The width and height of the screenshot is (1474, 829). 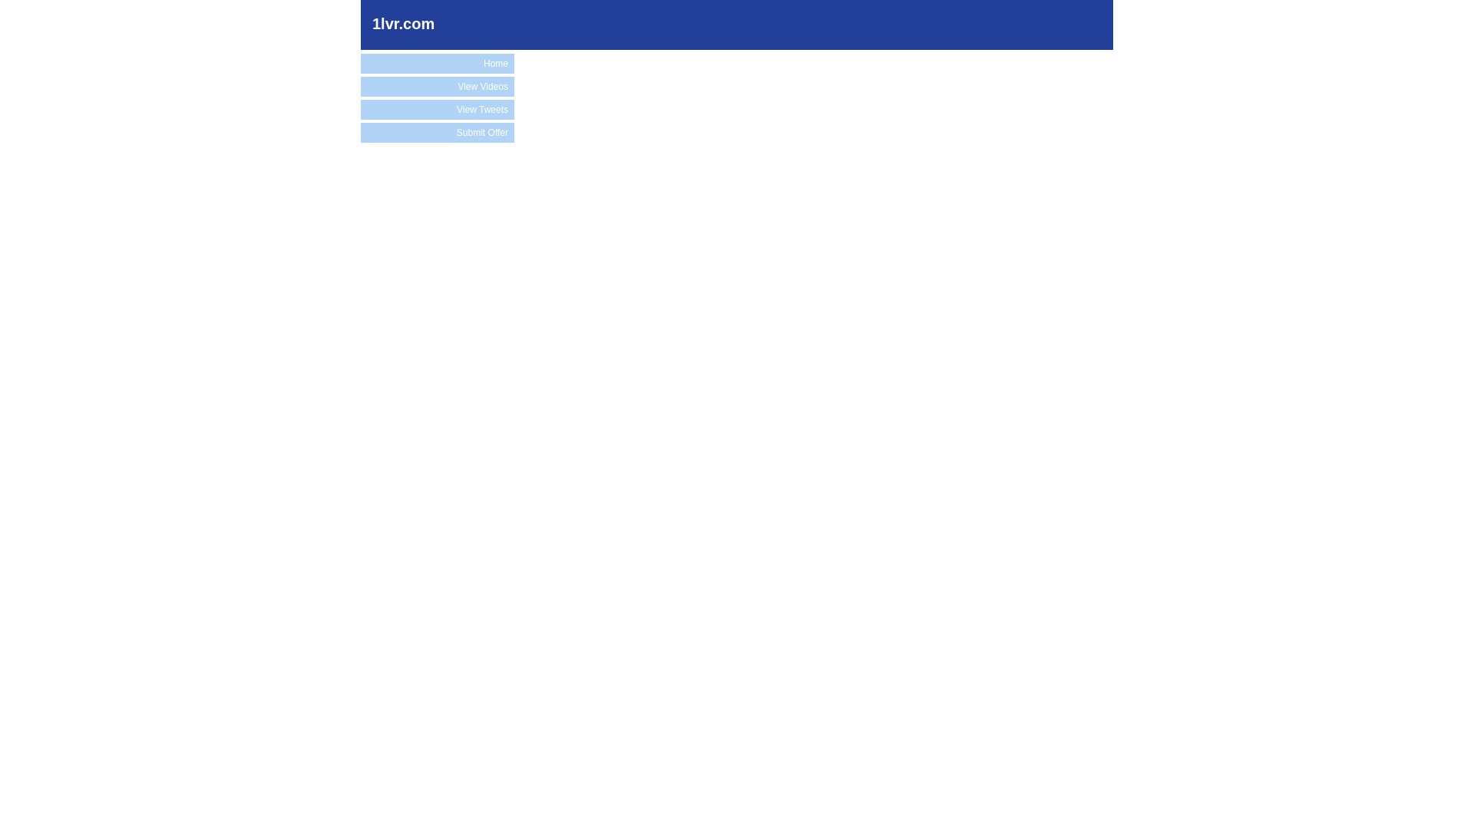 What do you see at coordinates (437, 108) in the screenshot?
I see `'View Tweets'` at bounding box center [437, 108].